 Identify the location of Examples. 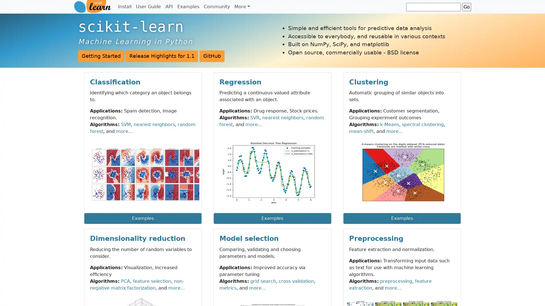
(142, 218).